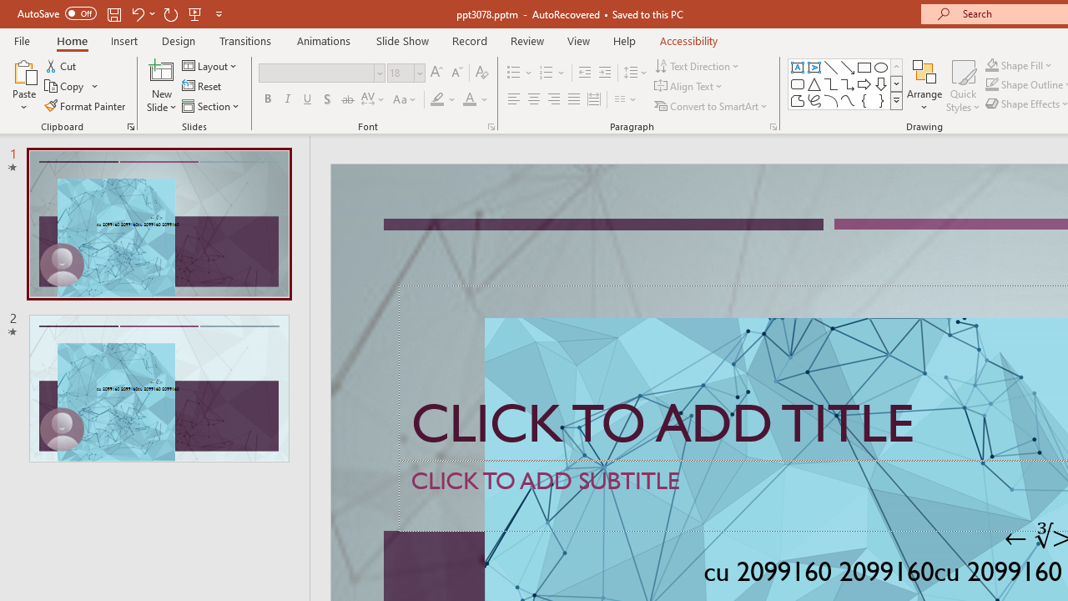  Describe the element at coordinates (814, 67) in the screenshot. I see `'Vertical Text Box'` at that location.